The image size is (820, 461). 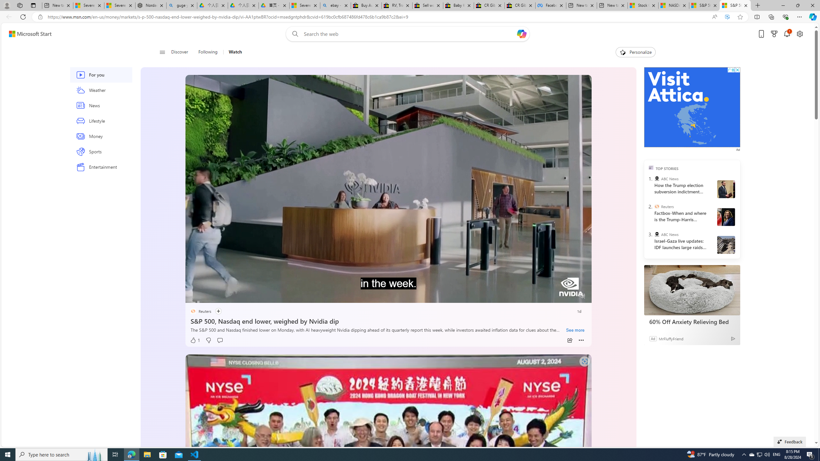 I want to click on 'MrFluffyFriend', so click(x=671, y=338).